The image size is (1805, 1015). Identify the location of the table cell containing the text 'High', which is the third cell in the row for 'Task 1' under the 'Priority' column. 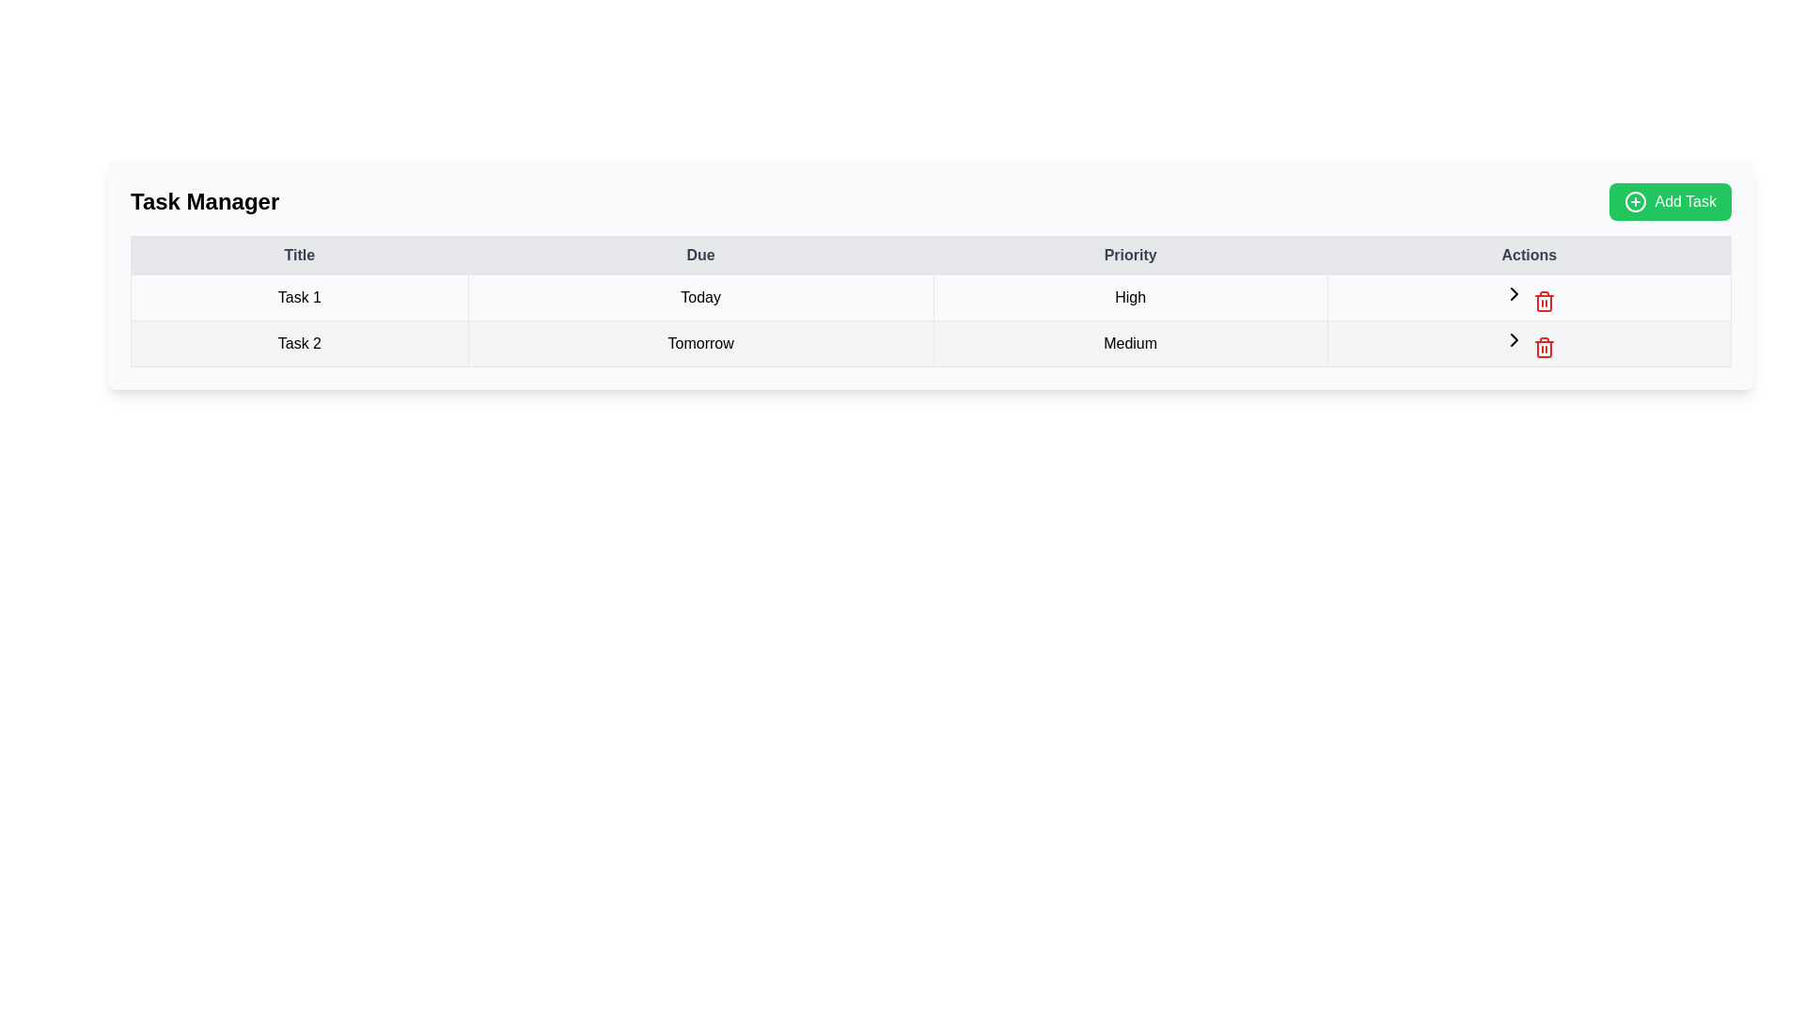
(1129, 296).